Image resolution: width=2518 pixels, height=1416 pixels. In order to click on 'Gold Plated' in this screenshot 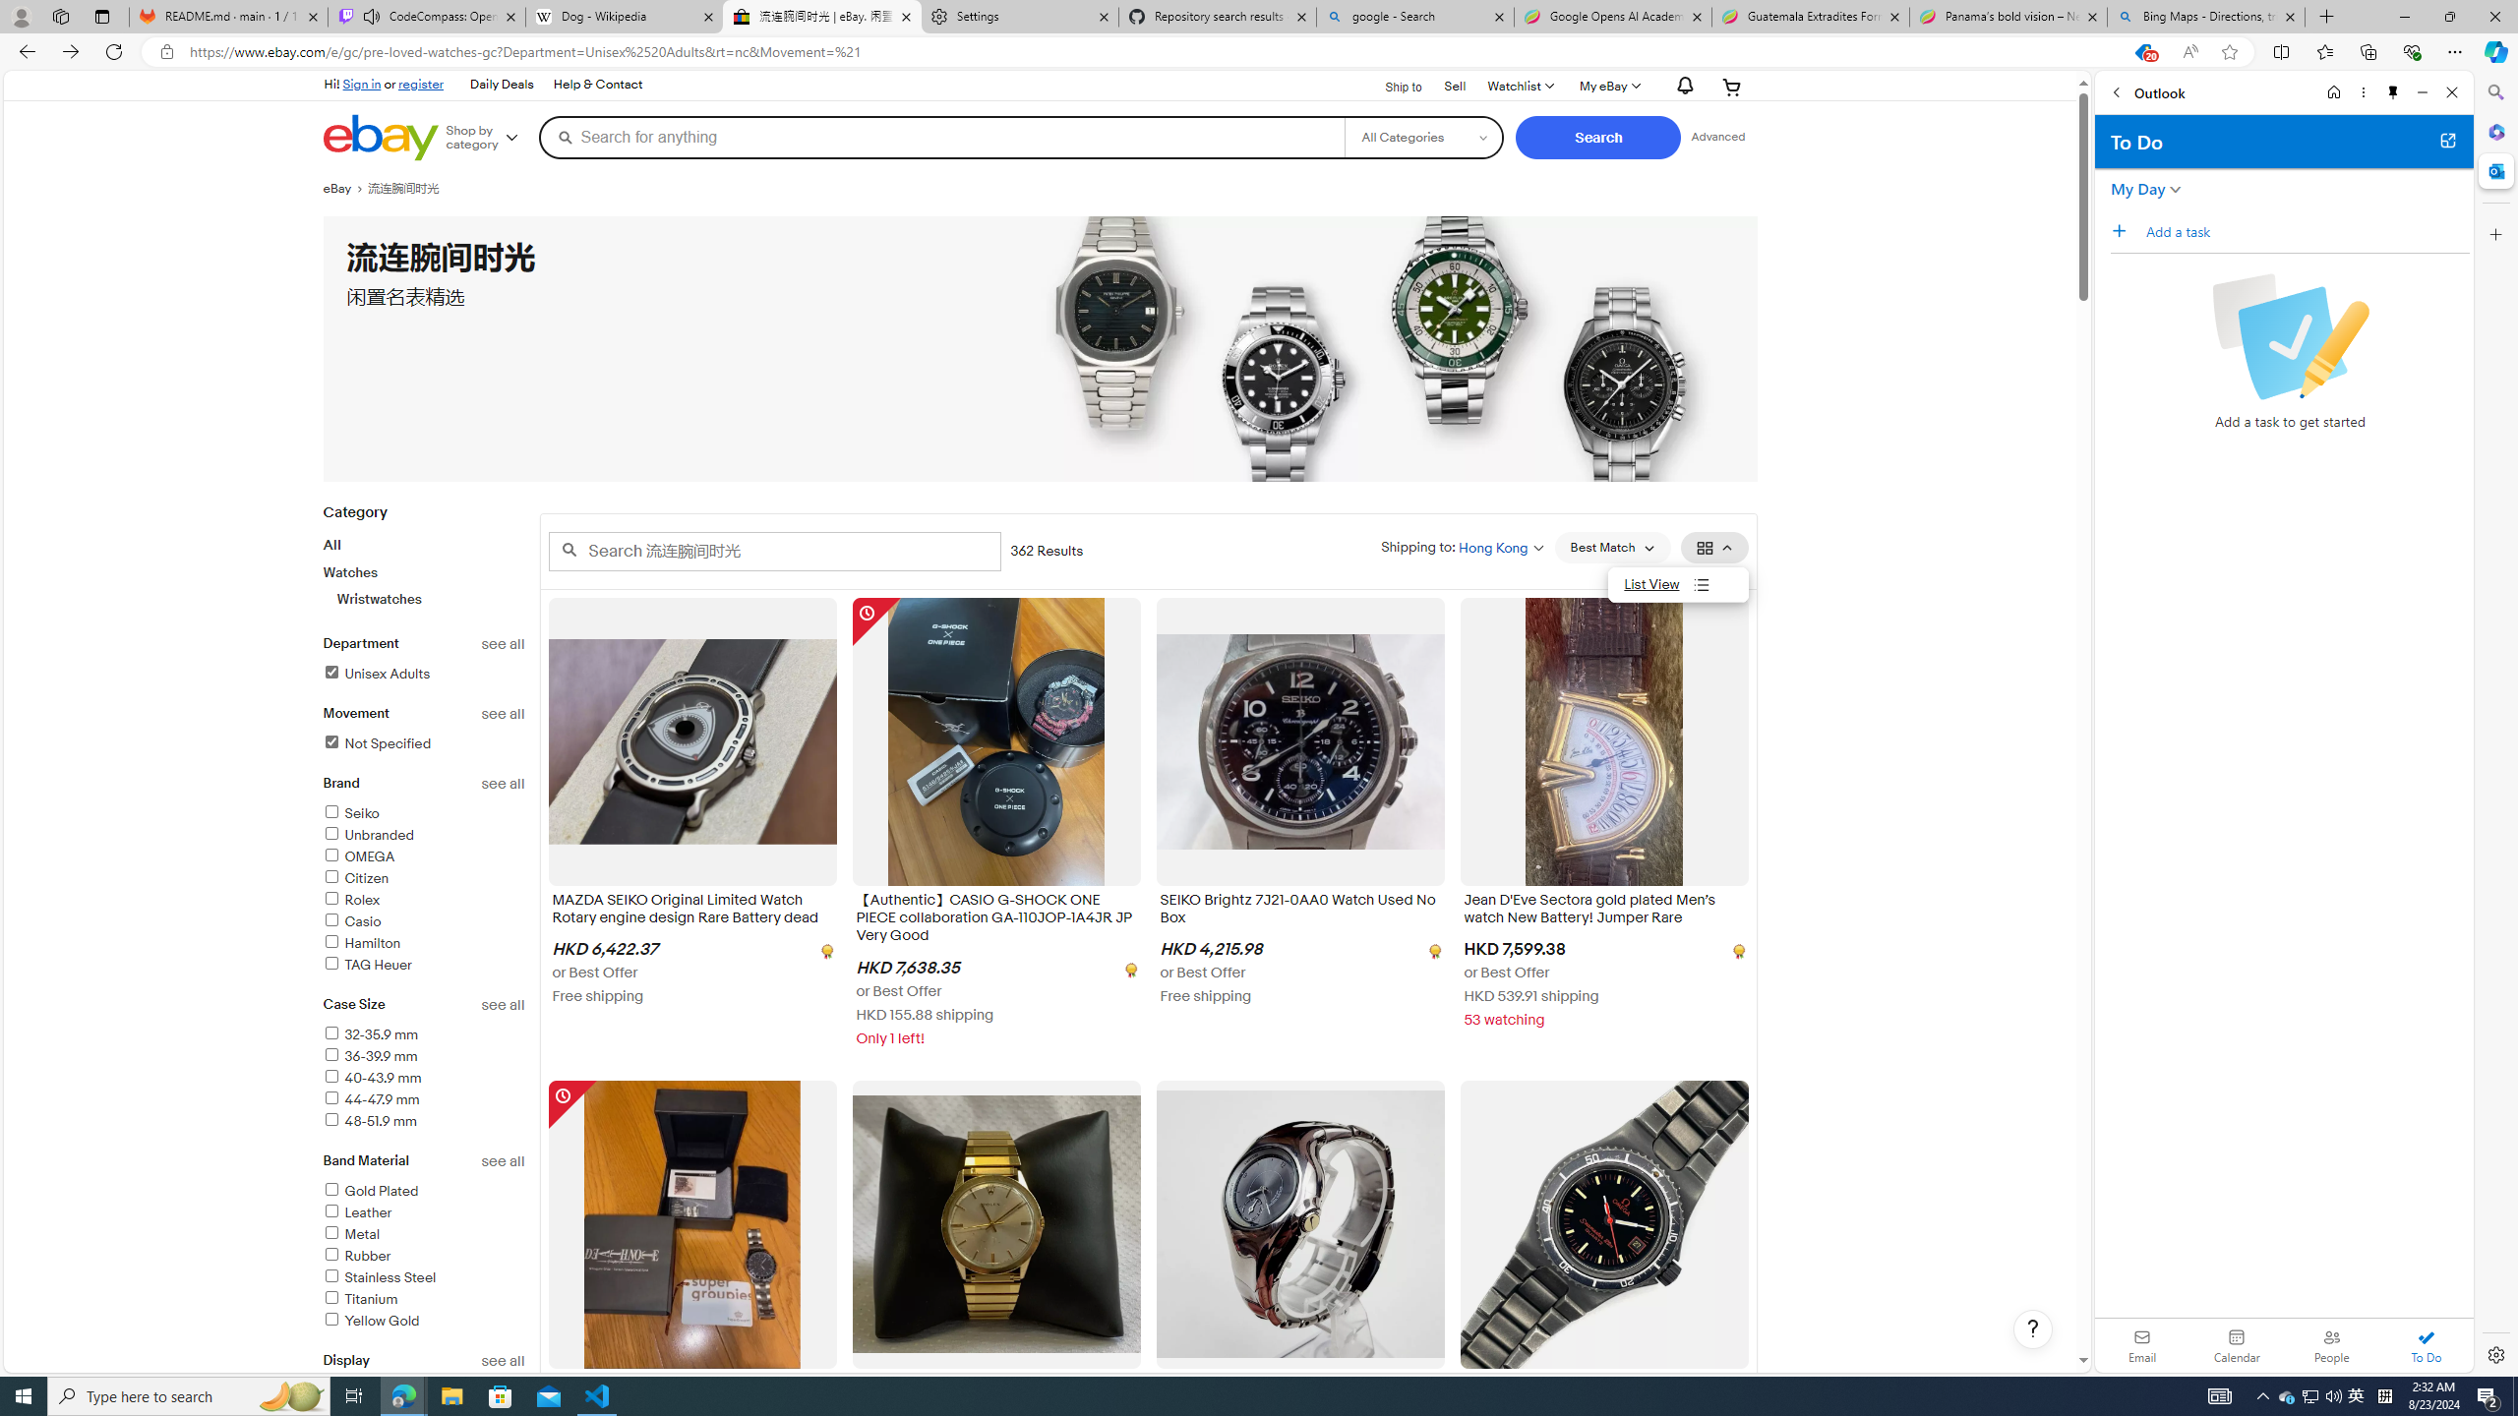, I will do `click(369, 1190)`.